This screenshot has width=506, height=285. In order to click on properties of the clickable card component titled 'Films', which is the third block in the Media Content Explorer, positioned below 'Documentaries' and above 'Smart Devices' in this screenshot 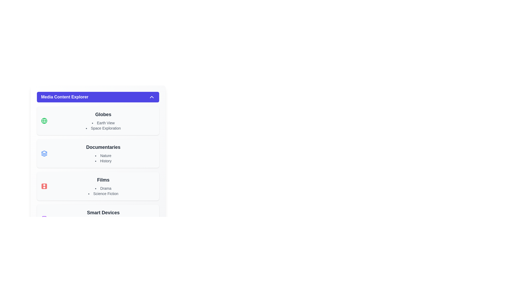, I will do `click(98, 186)`.